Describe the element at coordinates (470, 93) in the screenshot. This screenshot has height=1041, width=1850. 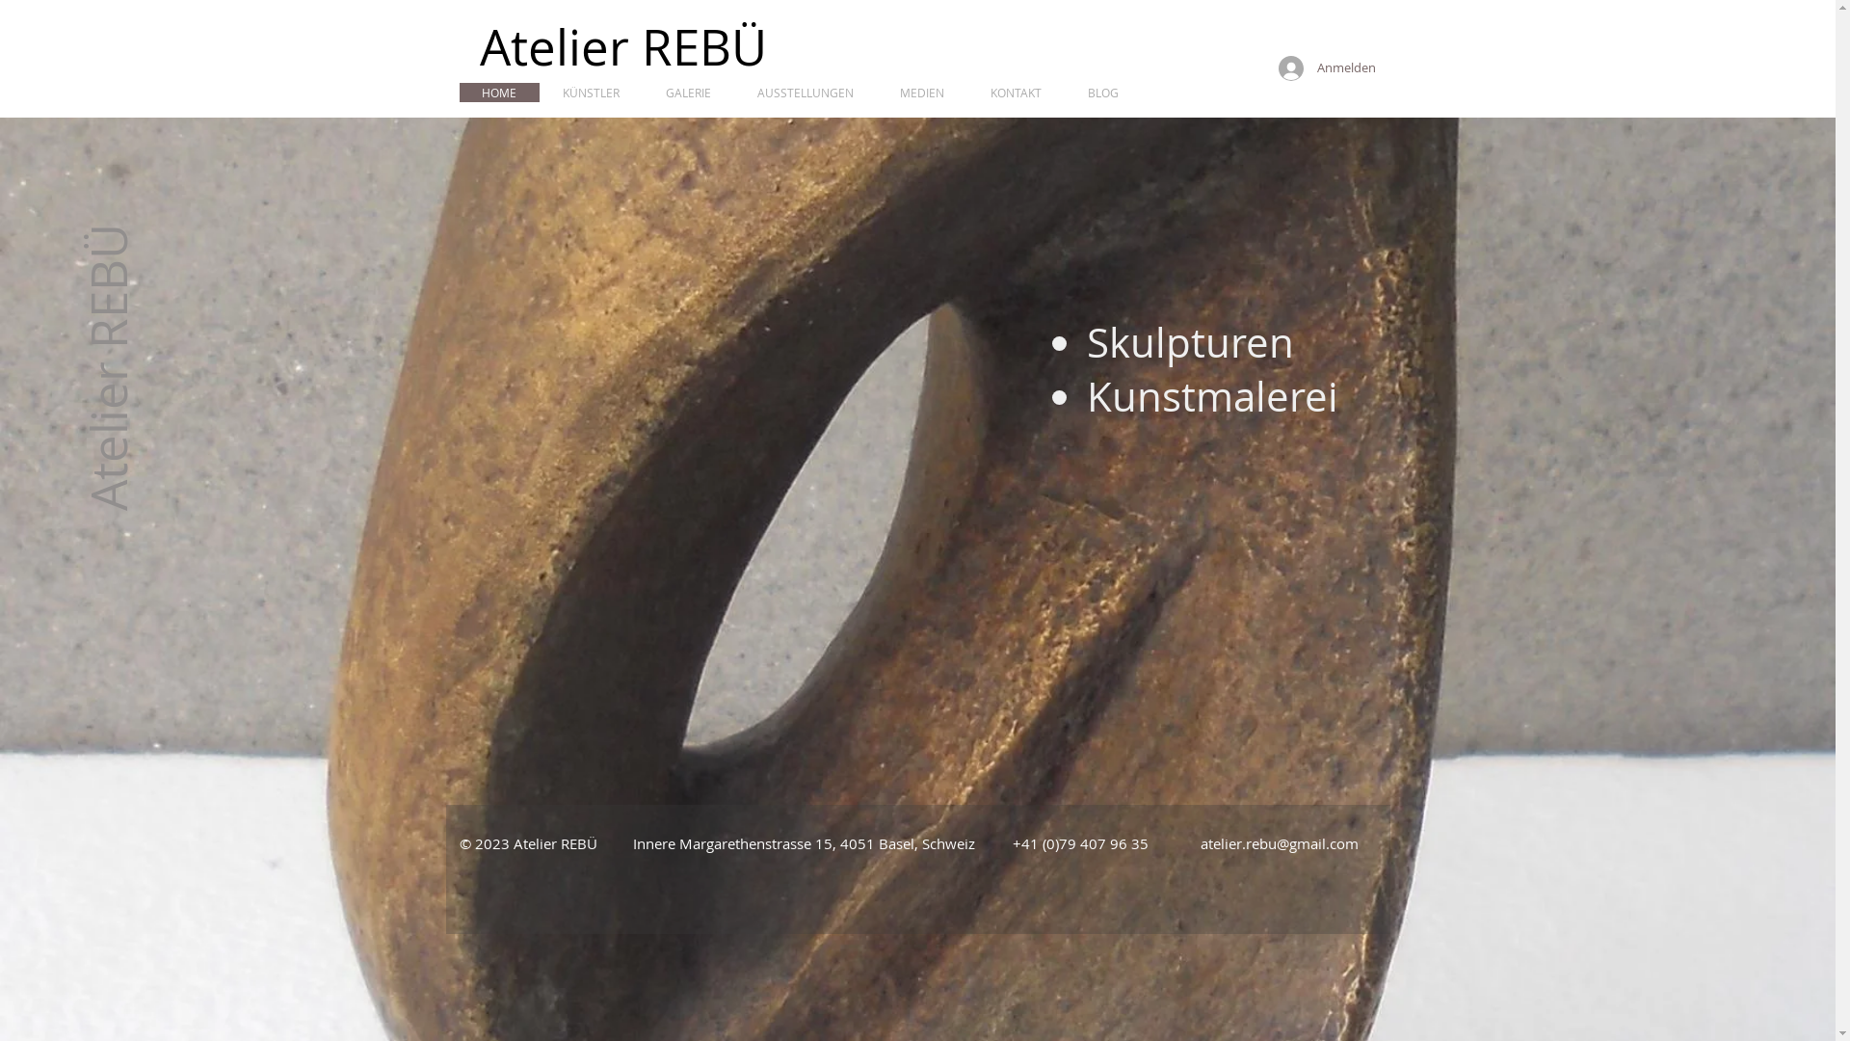
I see `'HOME'` at that location.